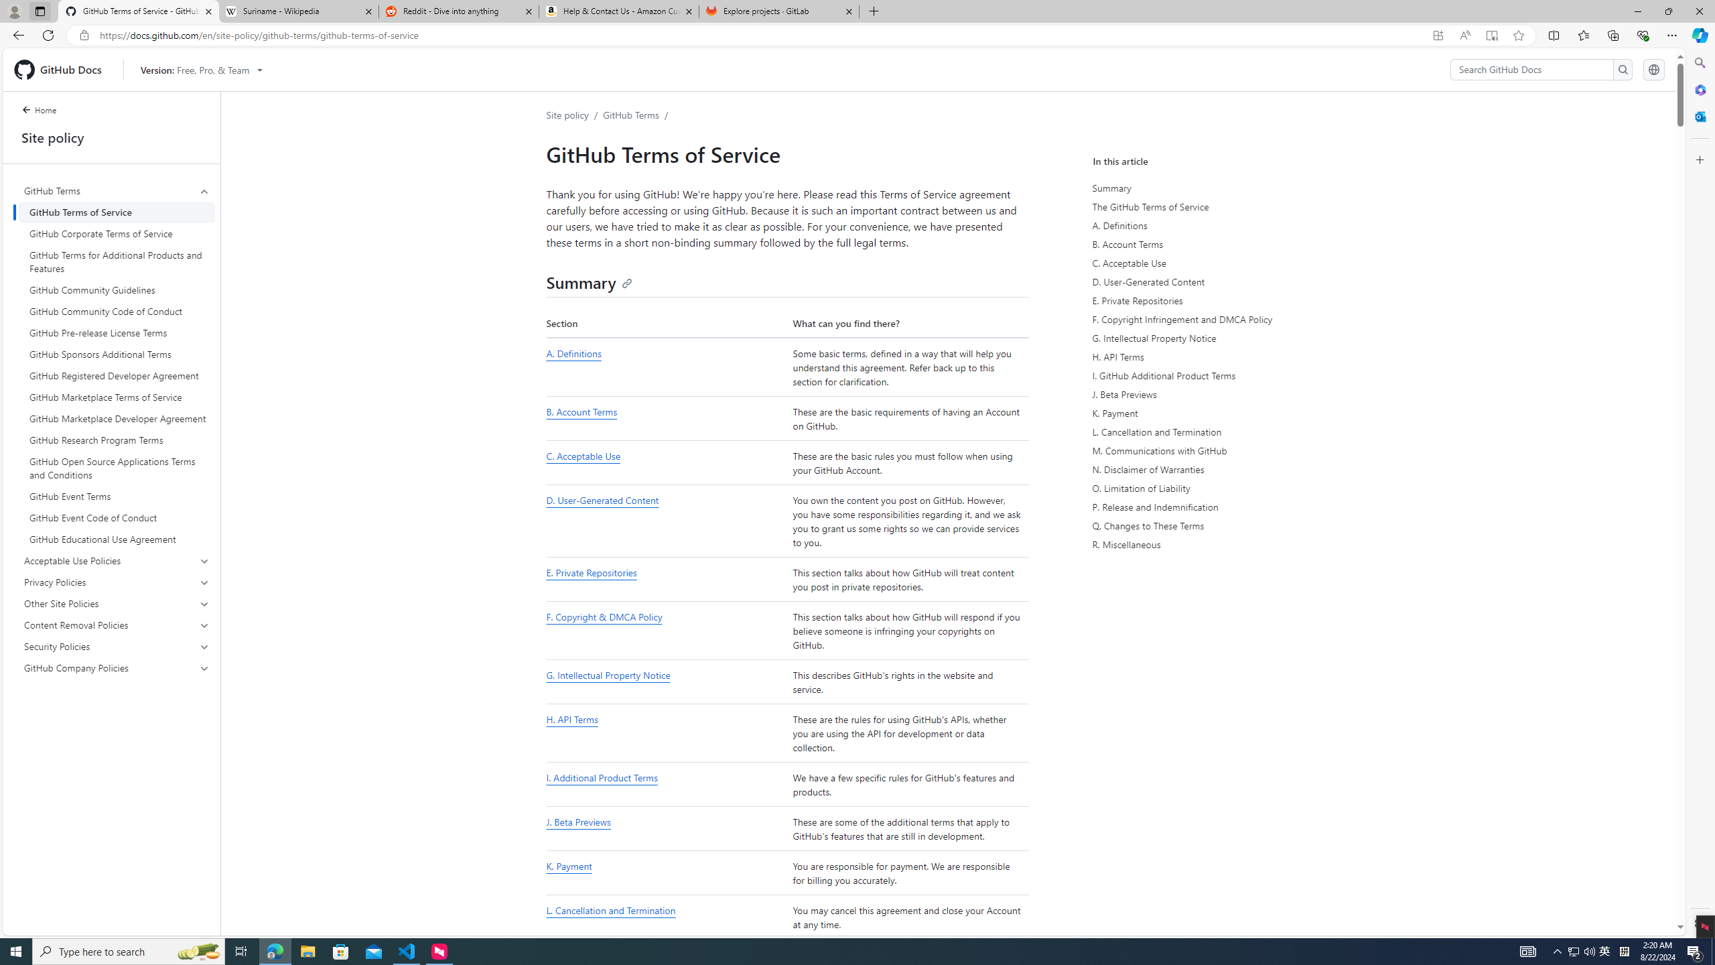 The image size is (1715, 965). Describe the element at coordinates (566, 115) in the screenshot. I see `'Site policy'` at that location.